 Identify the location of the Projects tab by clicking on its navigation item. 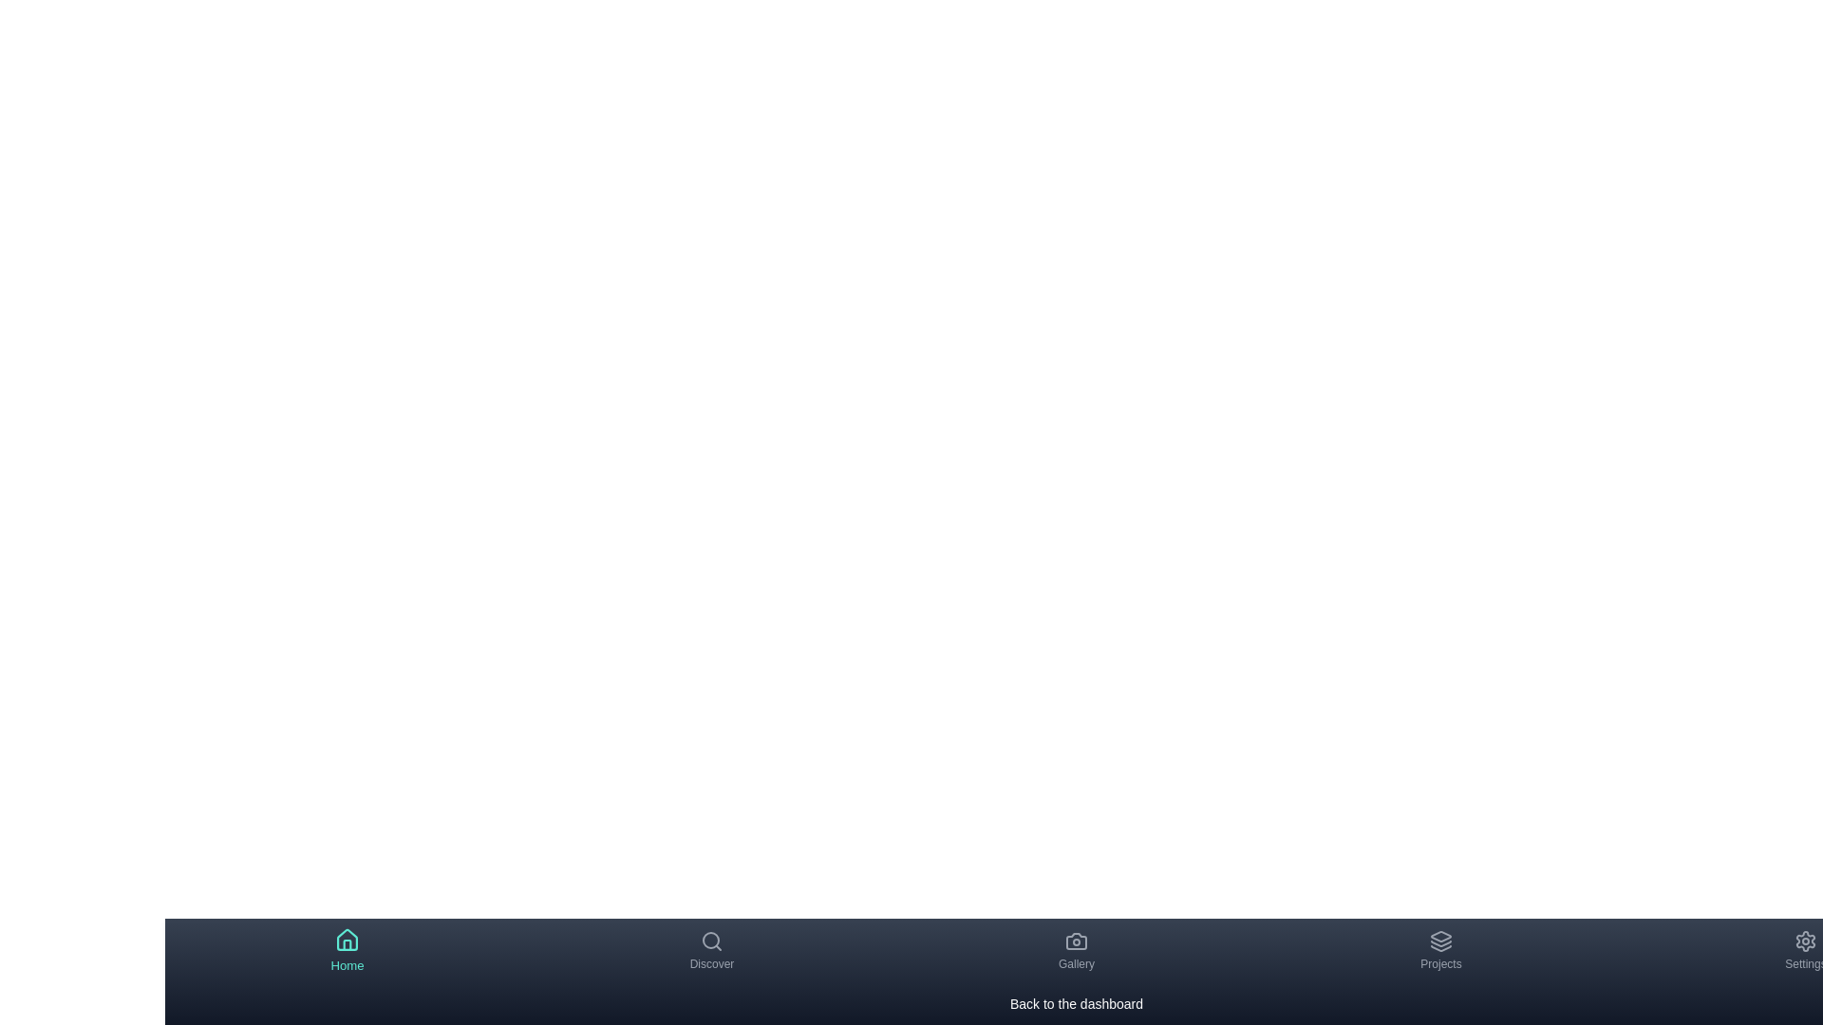
(1440, 951).